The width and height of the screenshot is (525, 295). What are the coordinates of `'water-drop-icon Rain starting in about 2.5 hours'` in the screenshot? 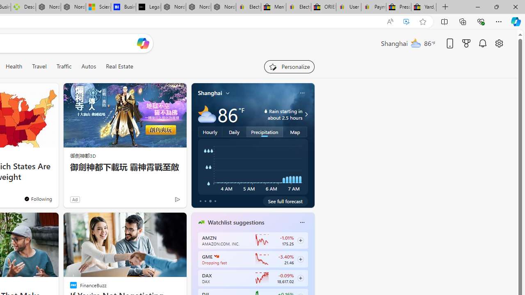 It's located at (276, 114).